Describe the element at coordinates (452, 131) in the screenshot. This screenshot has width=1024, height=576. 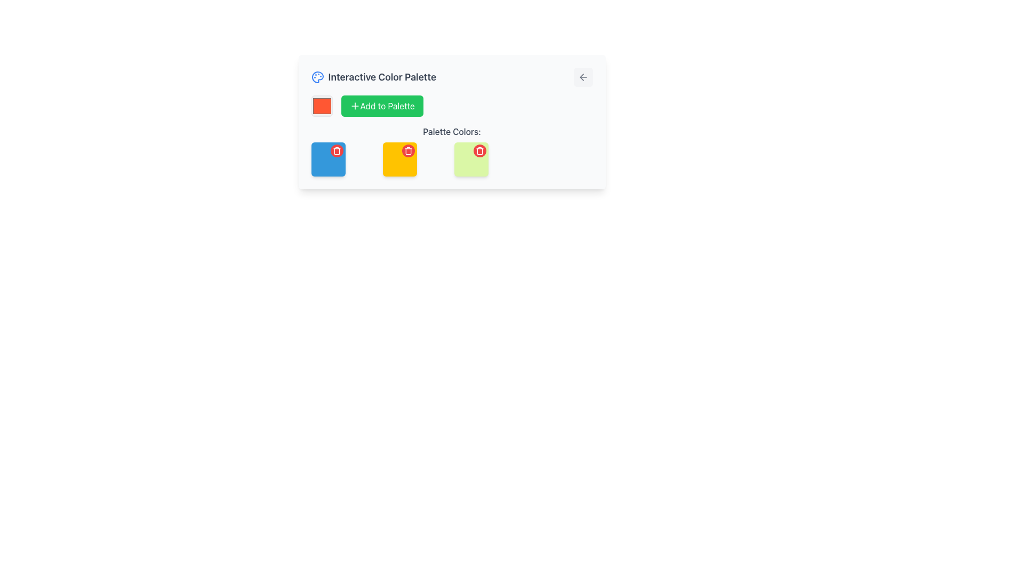
I see `the Text Label displaying 'Palette Colors:' which is prominently positioned above the grid of colorful components` at that location.